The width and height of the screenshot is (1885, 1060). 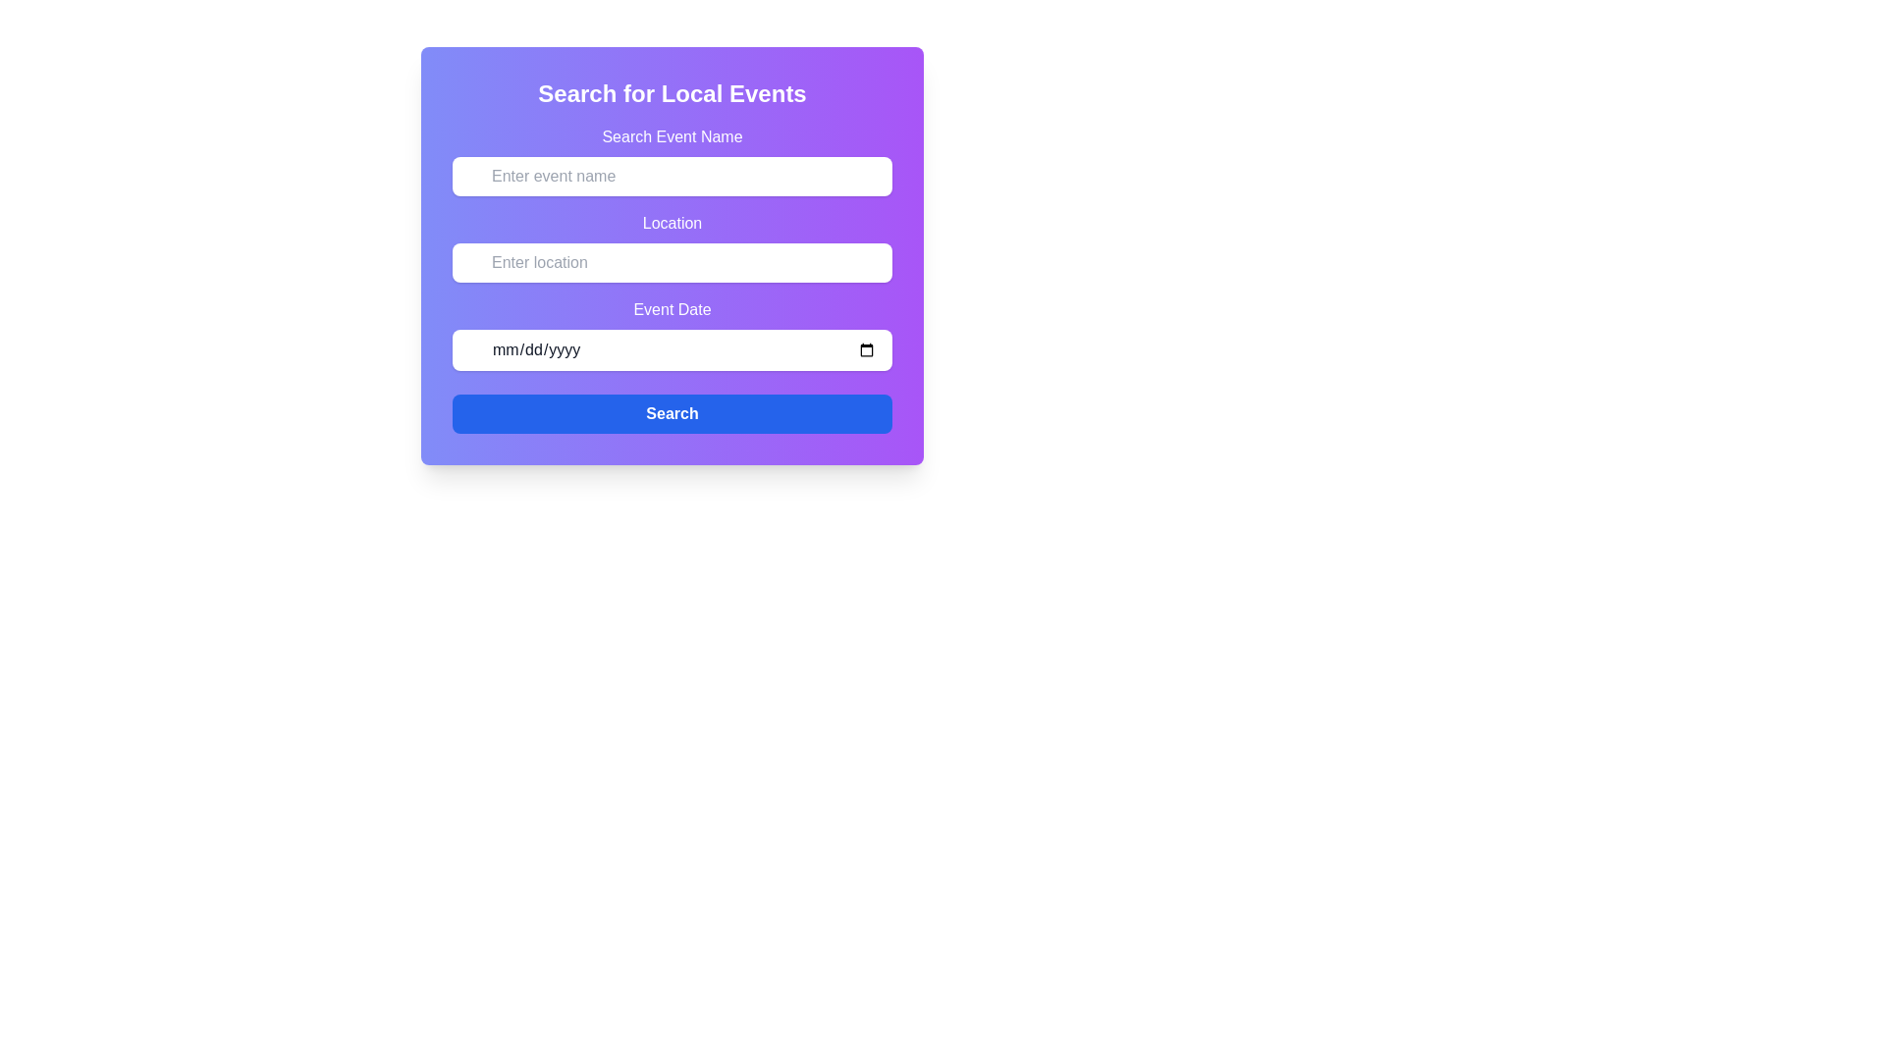 What do you see at coordinates (673, 412) in the screenshot?
I see `the rectangular blue button labeled 'Search' at the center of the button` at bounding box center [673, 412].